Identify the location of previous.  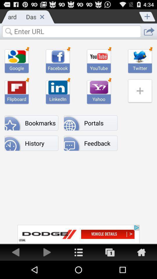
(16, 252).